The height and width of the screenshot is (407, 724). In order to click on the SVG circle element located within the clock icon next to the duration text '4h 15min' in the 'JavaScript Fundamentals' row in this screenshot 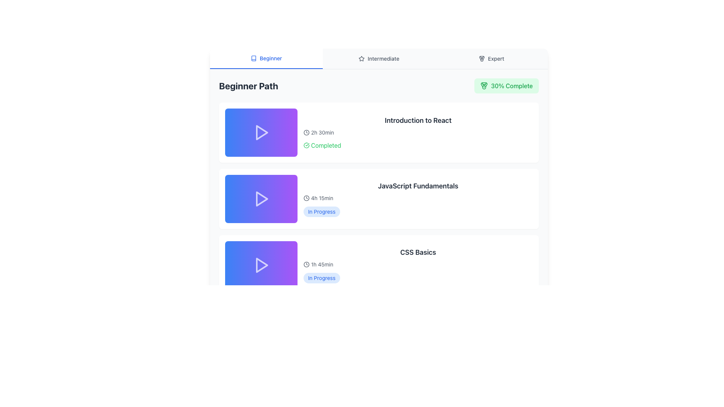, I will do `click(306, 264)`.